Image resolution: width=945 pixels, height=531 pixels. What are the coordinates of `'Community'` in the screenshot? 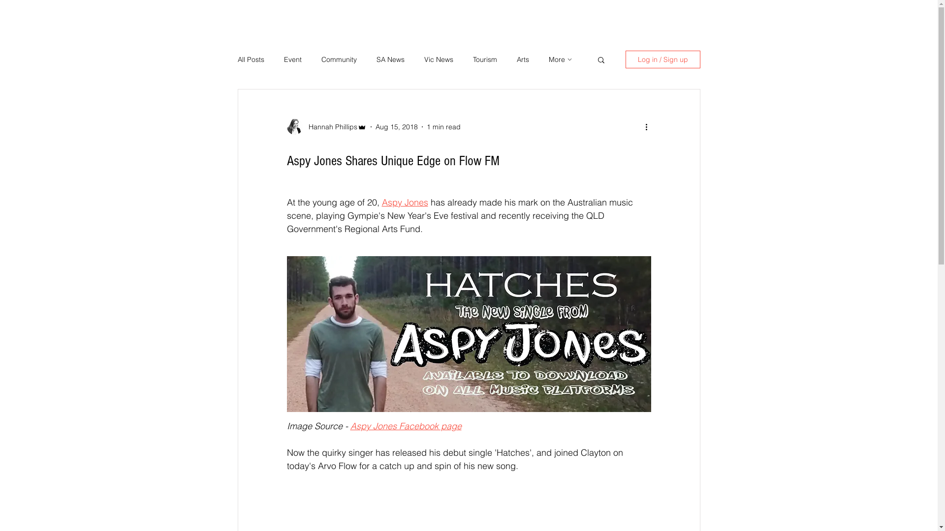 It's located at (338, 59).